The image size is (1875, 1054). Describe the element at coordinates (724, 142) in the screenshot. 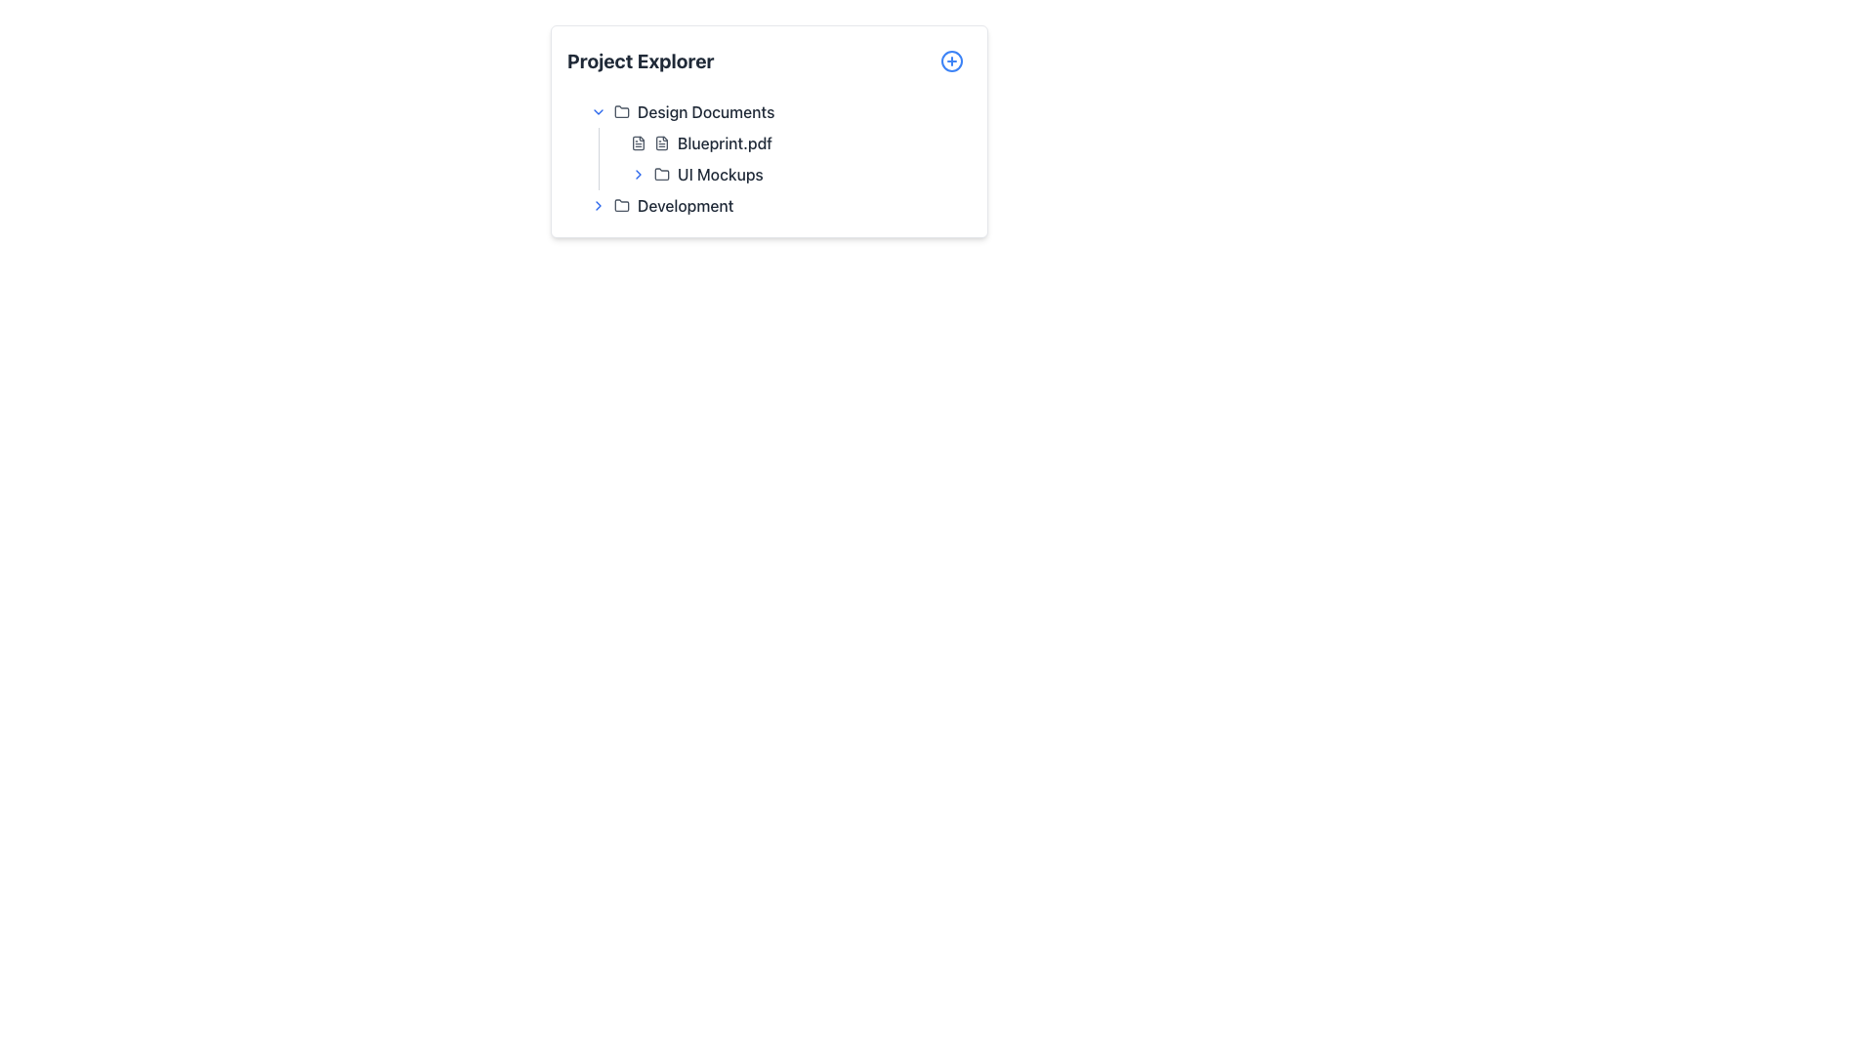

I see `the file label 'Blueprint.pdf' in the 'Design Documents' folder` at that location.